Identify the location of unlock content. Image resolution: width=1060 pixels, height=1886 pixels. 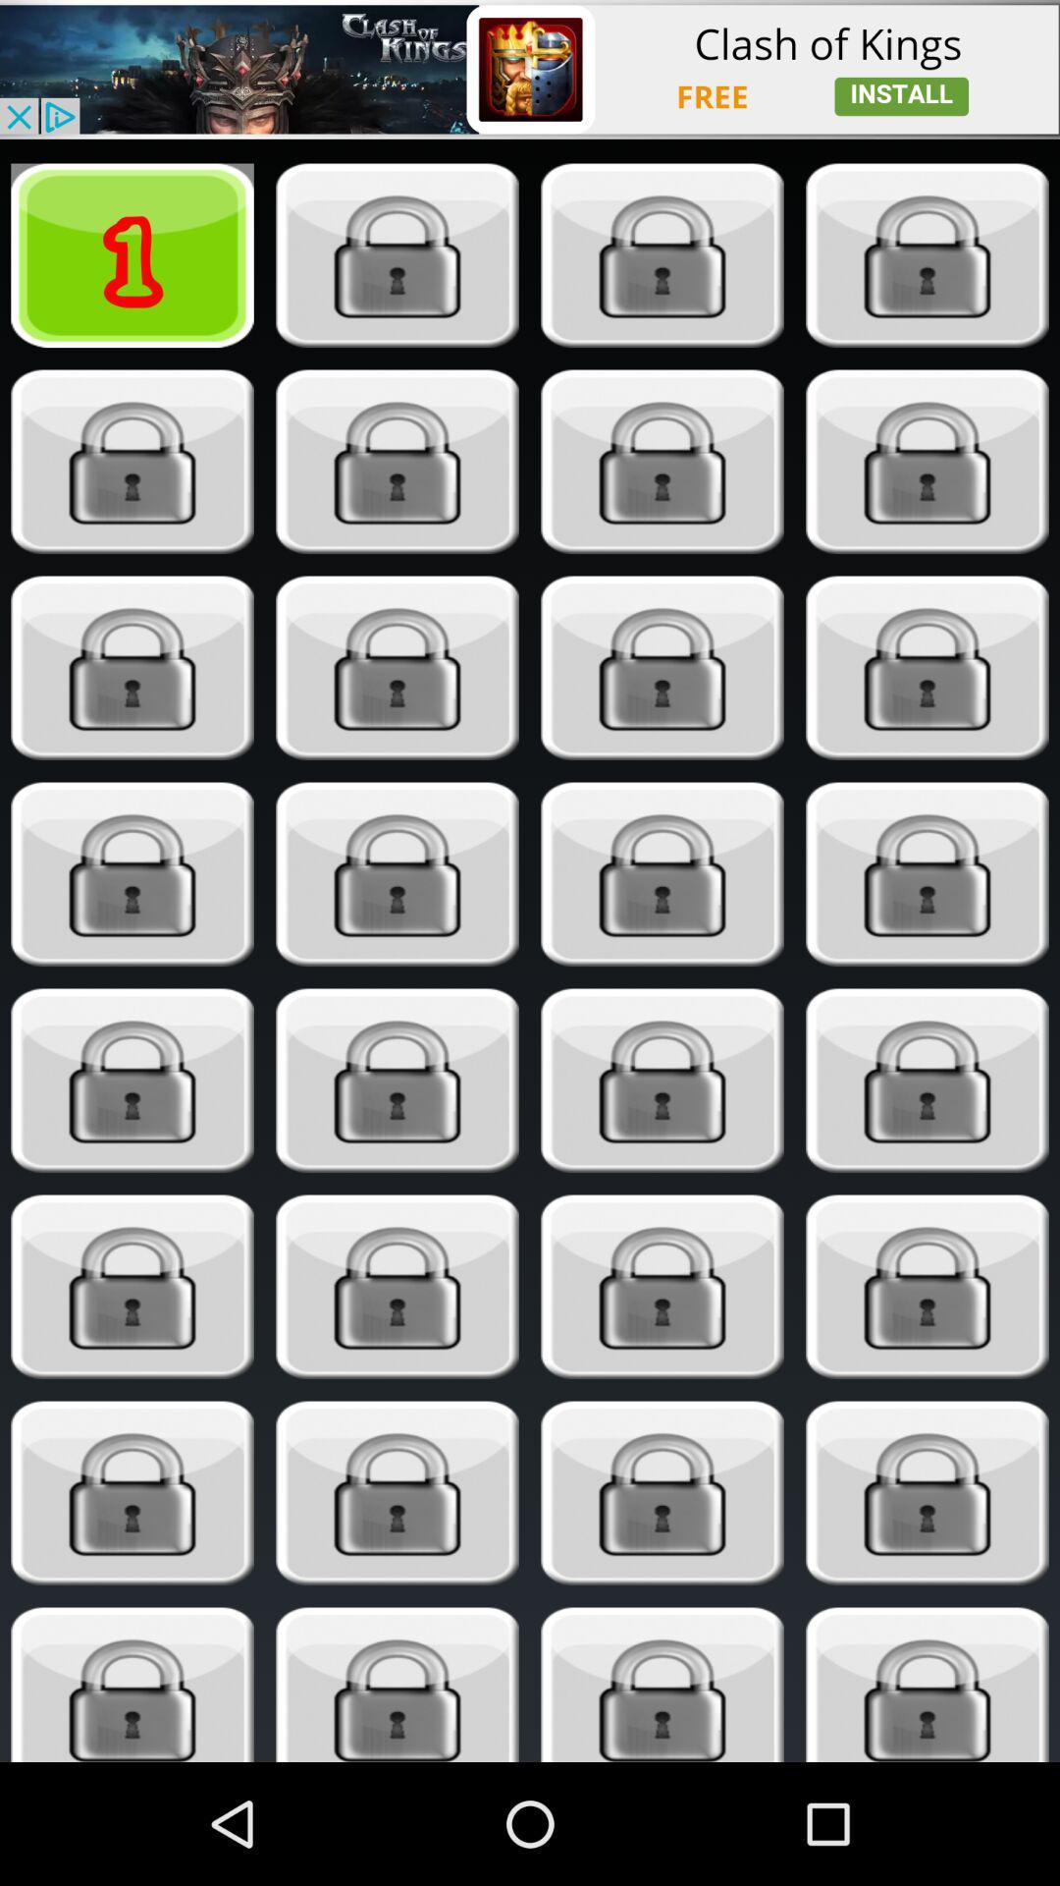
(662, 1287).